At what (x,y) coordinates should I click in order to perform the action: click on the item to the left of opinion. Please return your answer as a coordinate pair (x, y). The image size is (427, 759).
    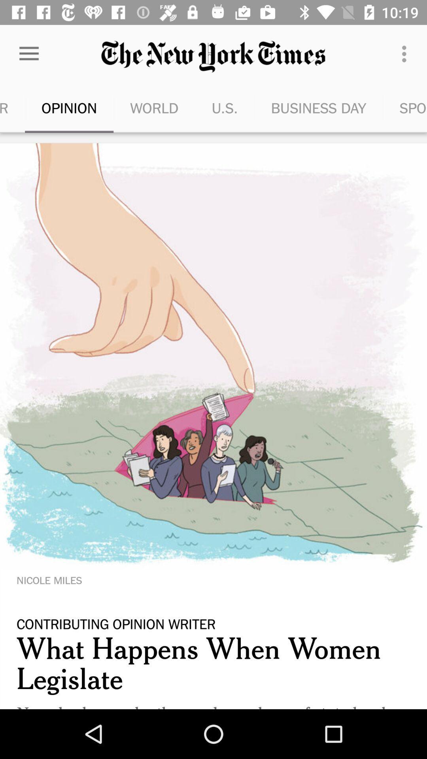
    Looking at the image, I should click on (12, 108).